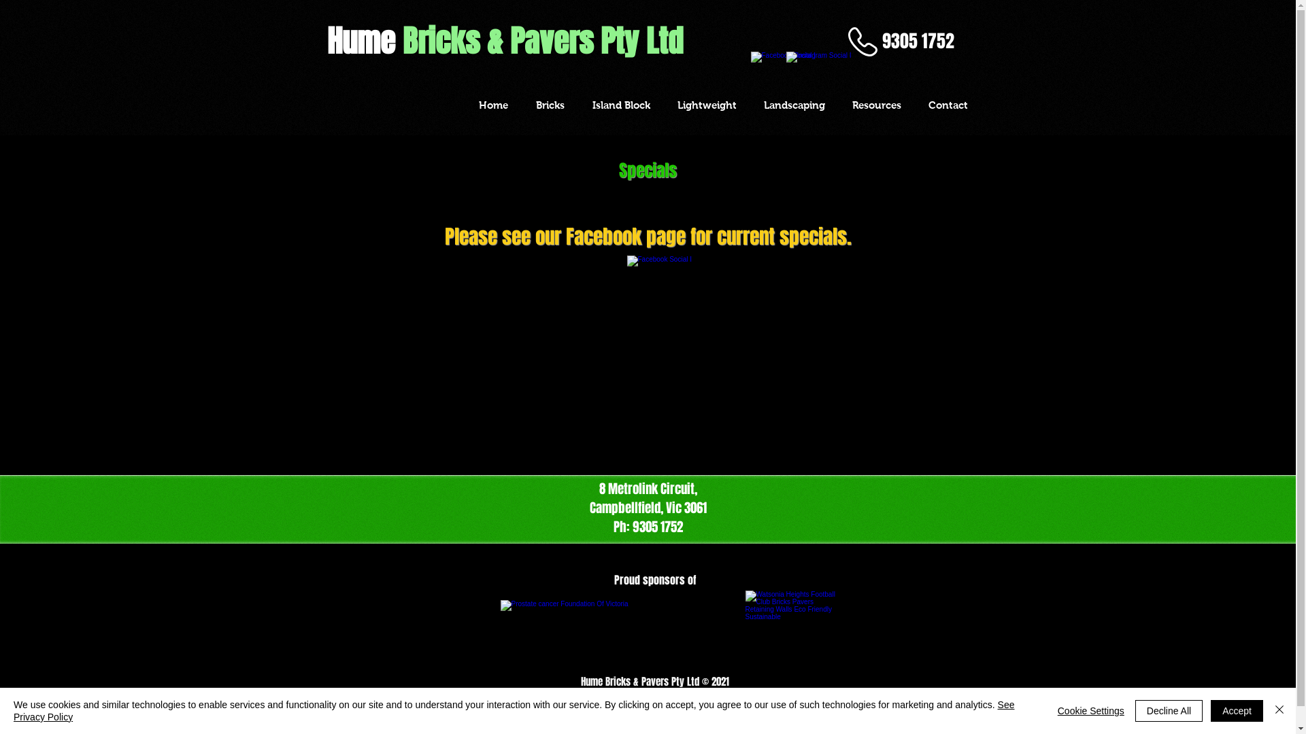 Image resolution: width=1306 pixels, height=734 pixels. Describe the element at coordinates (499, 631) in the screenshot. I see `'Prostate cancer Foundation Of Victoria'` at that location.